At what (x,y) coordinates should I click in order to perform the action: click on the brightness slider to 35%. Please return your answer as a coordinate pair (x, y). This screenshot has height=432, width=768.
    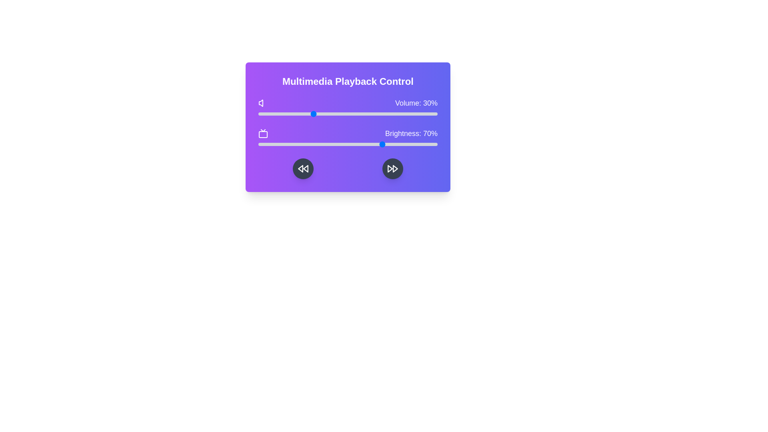
    Looking at the image, I should click on (321, 144).